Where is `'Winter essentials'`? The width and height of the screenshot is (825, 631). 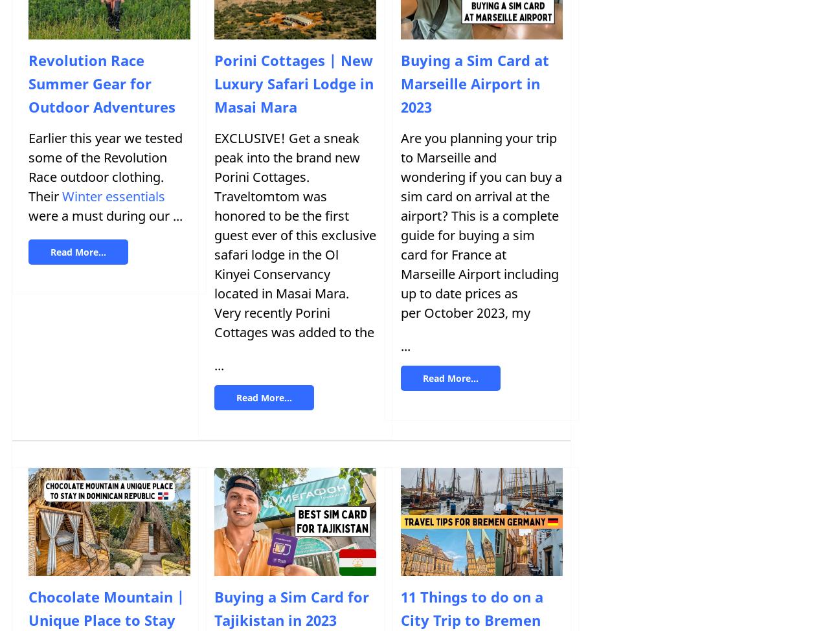
'Winter essentials' is located at coordinates (113, 195).